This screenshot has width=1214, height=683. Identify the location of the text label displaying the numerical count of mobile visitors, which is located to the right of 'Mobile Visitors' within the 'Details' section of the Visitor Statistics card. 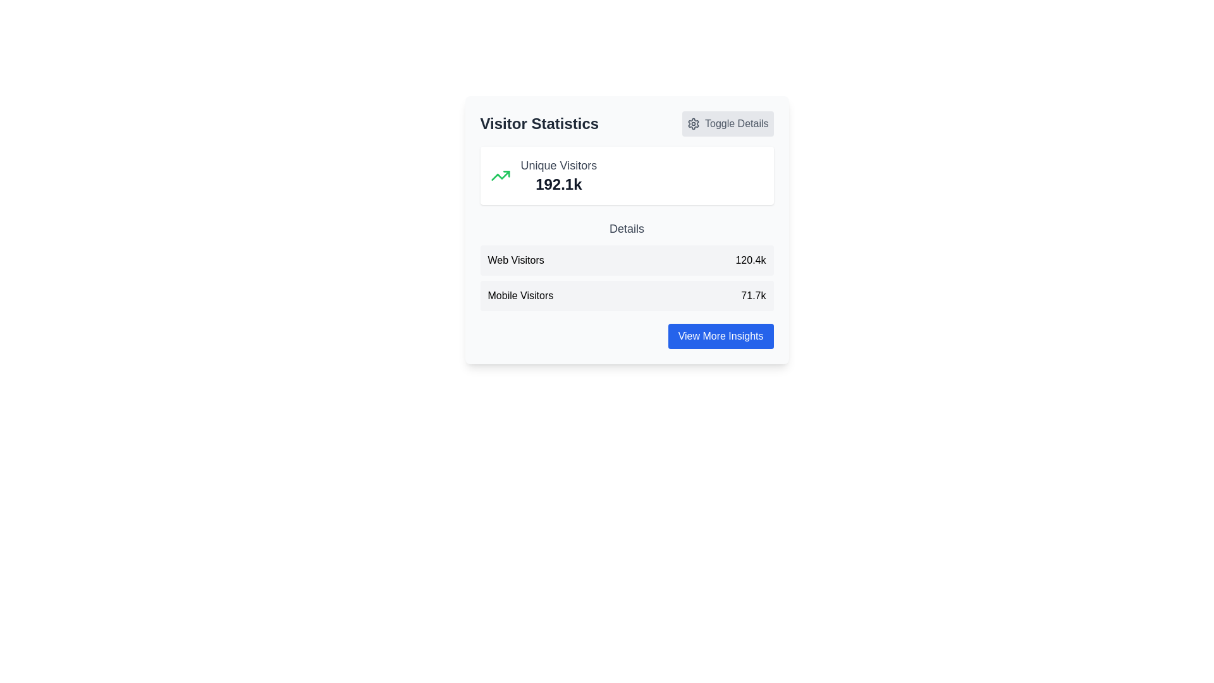
(753, 295).